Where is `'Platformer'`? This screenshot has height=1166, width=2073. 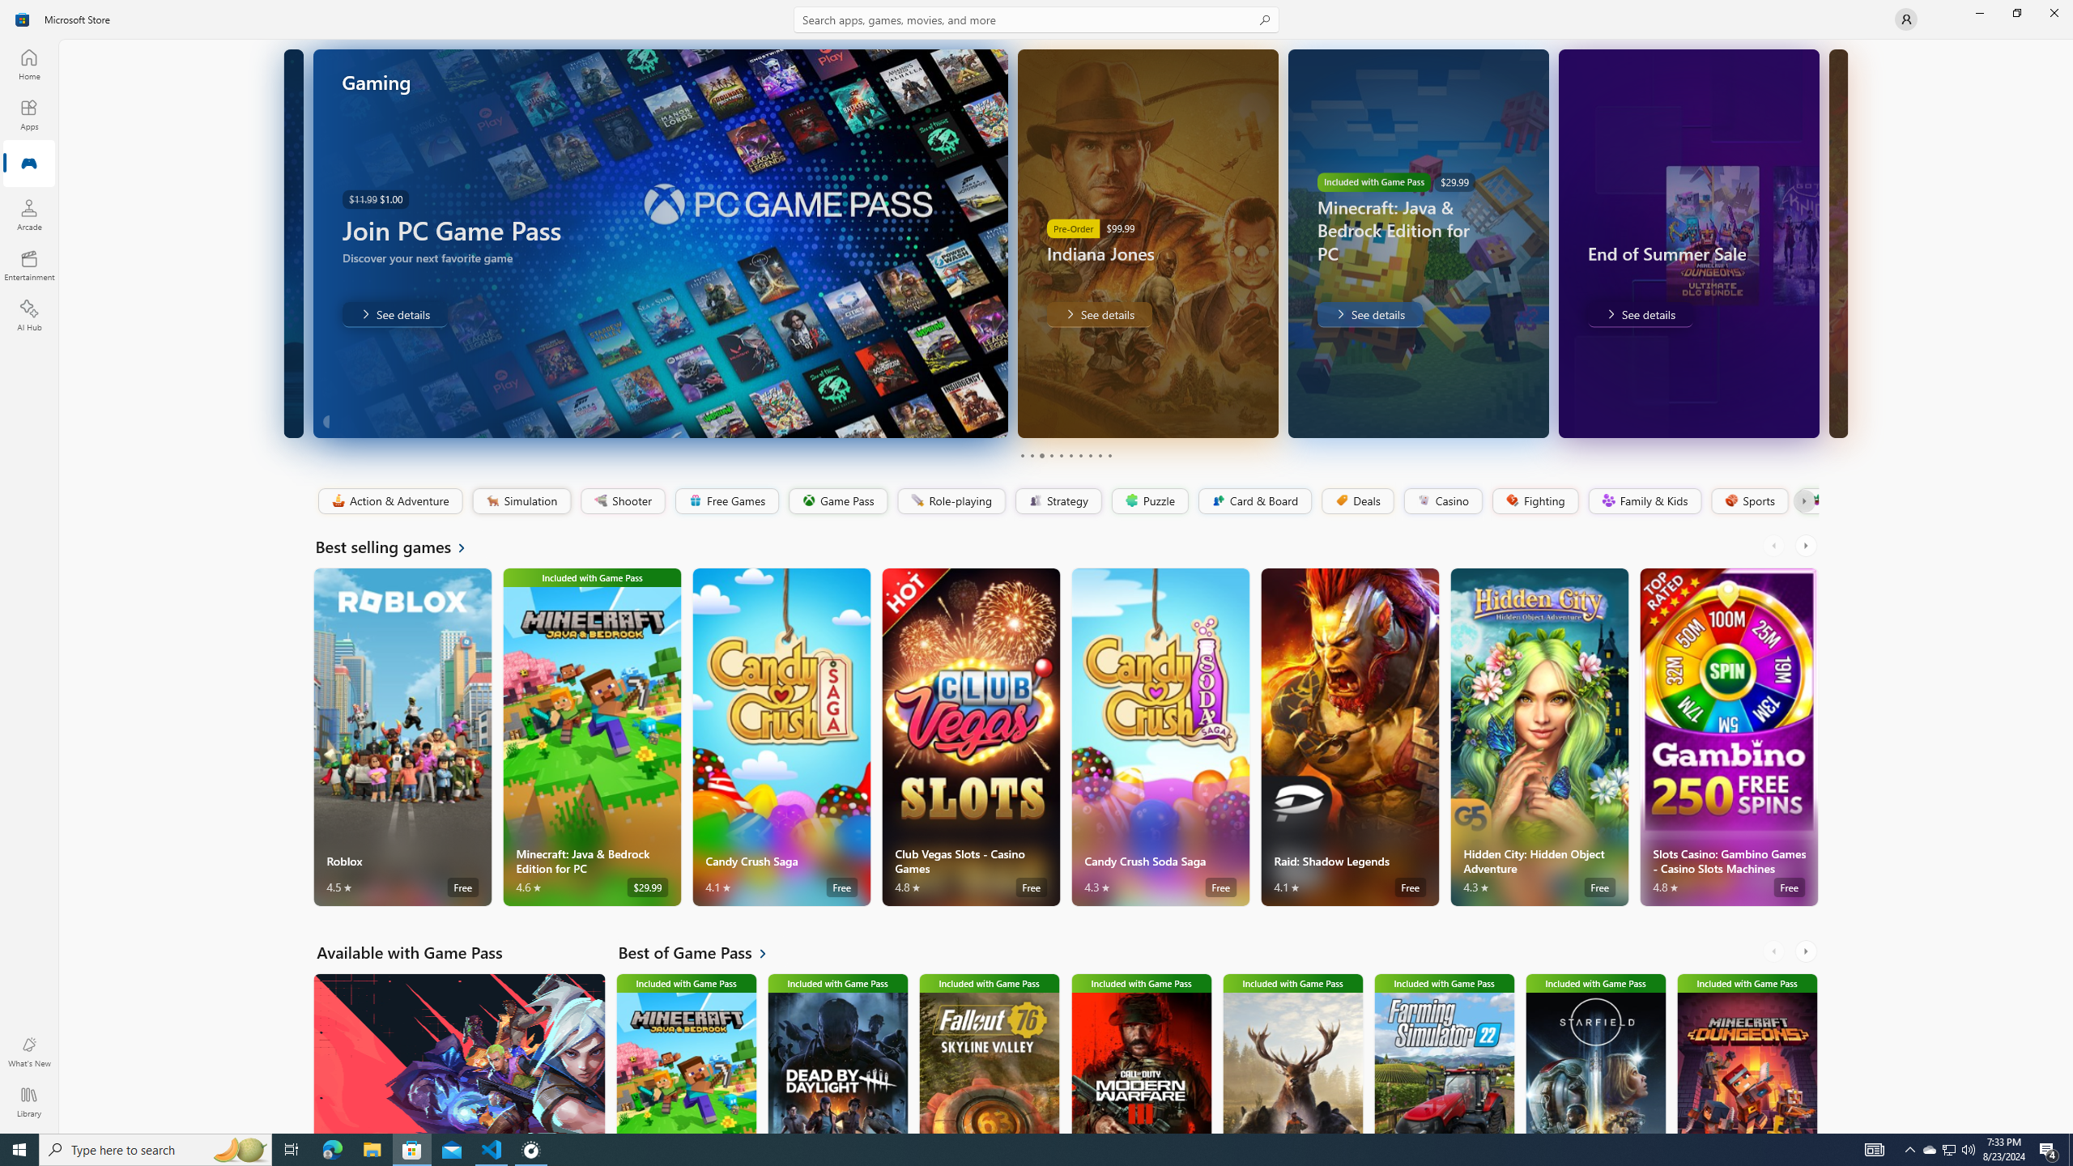
'Platformer' is located at coordinates (1807, 500).